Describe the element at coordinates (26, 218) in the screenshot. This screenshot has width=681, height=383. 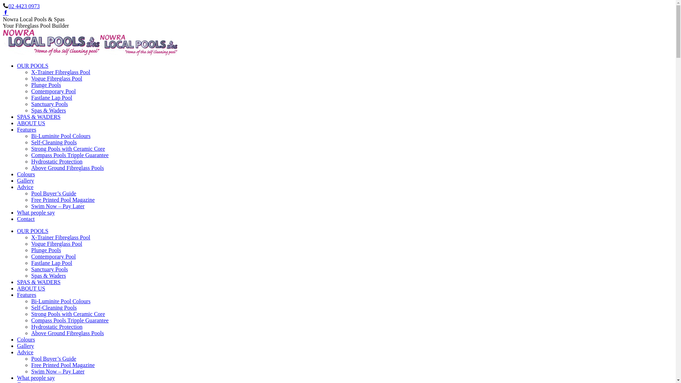
I see `'Contact'` at that location.